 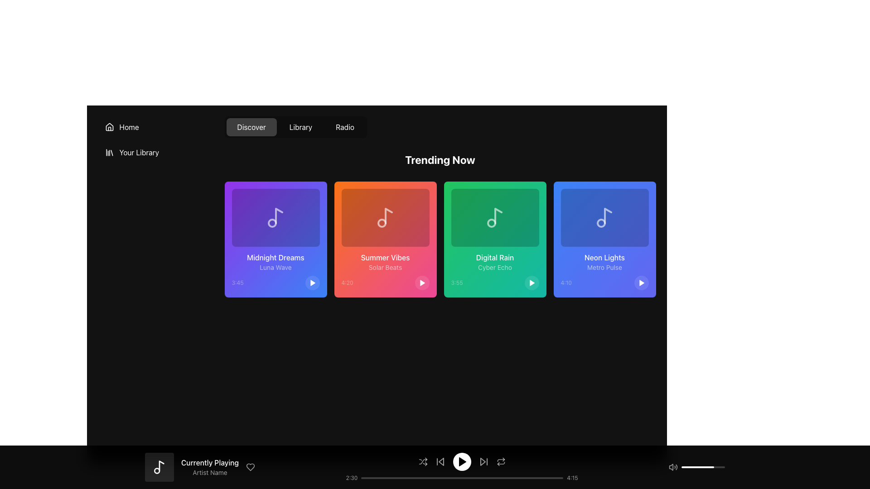 I want to click on the library icon located to the left of the 'Your Library' text in the navigation sidebar, so click(x=109, y=152).